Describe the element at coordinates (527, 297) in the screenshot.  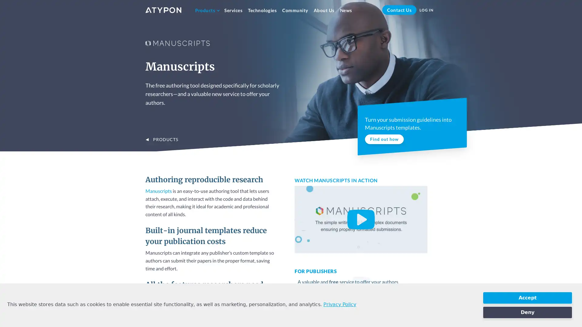
I see `Accept` at that location.